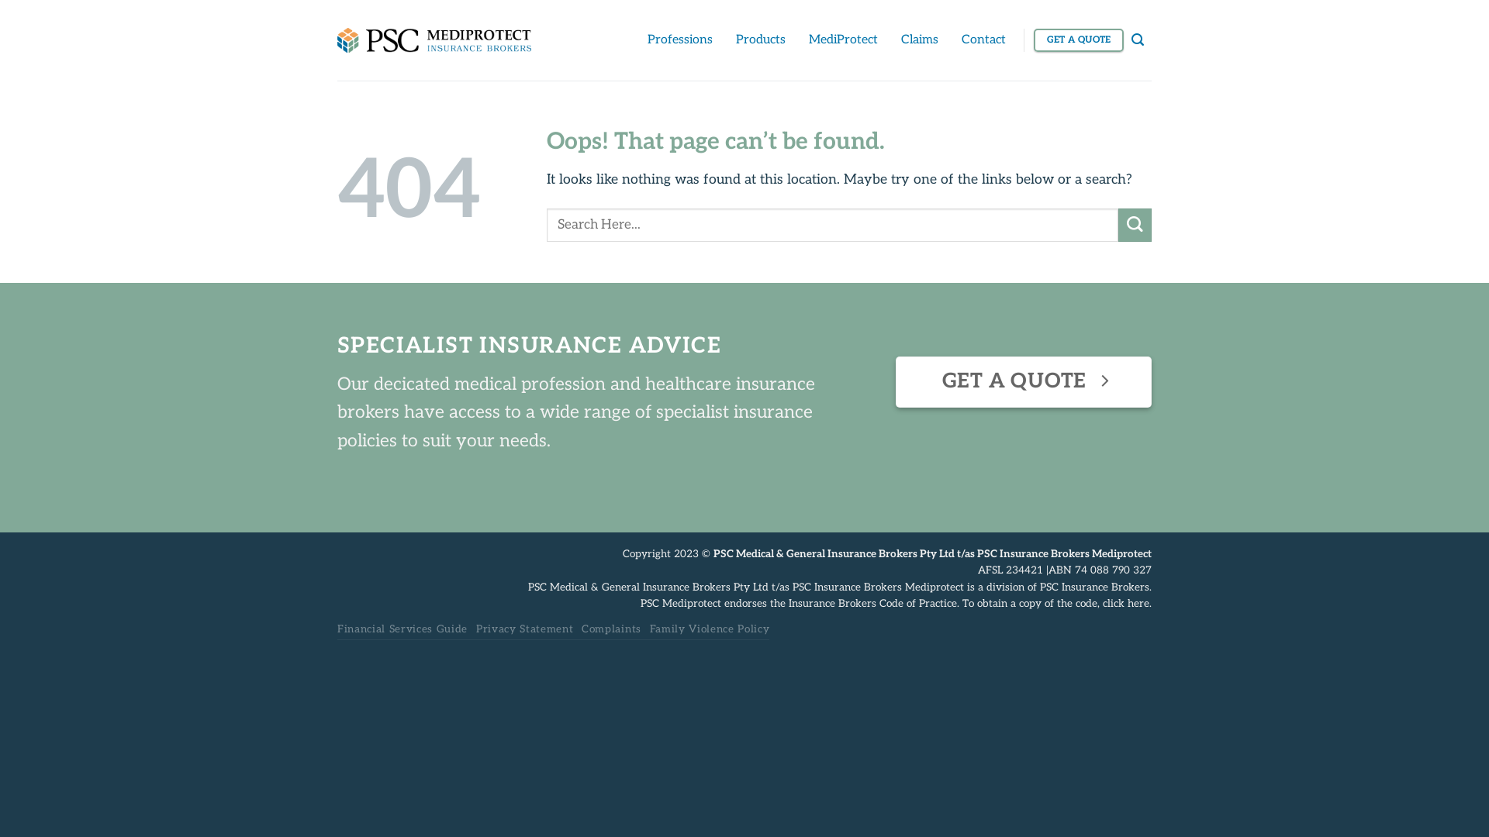 The image size is (1489, 837). Describe the element at coordinates (1078, 39) in the screenshot. I see `'GET A QUOTE'` at that location.